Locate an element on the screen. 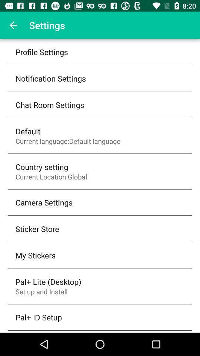 The width and height of the screenshot is (200, 356). profile settings item is located at coordinates (41, 52).